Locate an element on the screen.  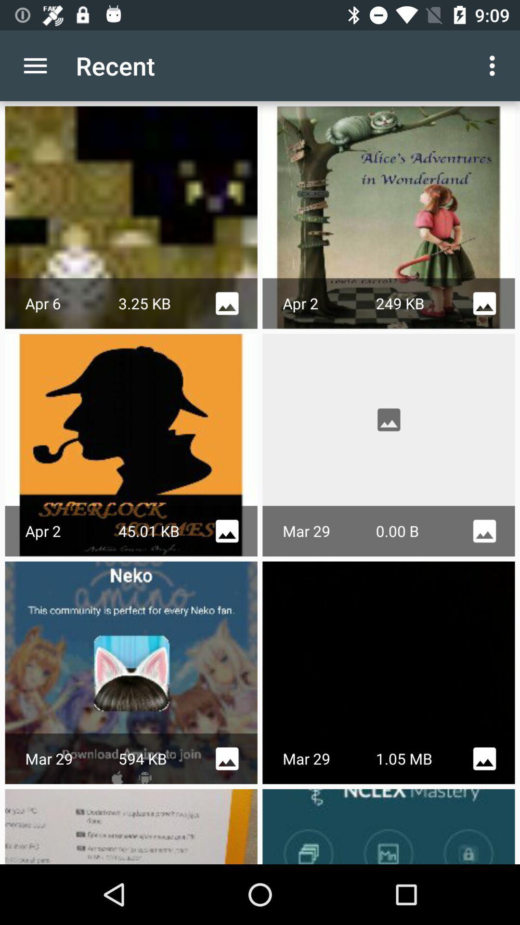
the item to the left of the recent icon is located at coordinates (35, 65).